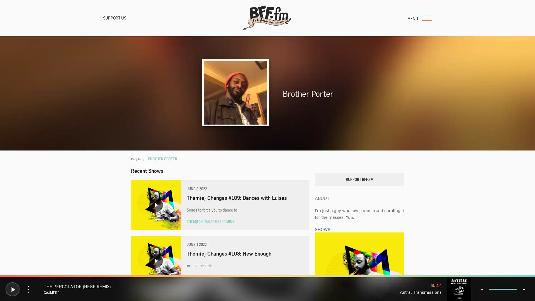  Describe the element at coordinates (156, 261) in the screenshot. I see `Play` at that location.